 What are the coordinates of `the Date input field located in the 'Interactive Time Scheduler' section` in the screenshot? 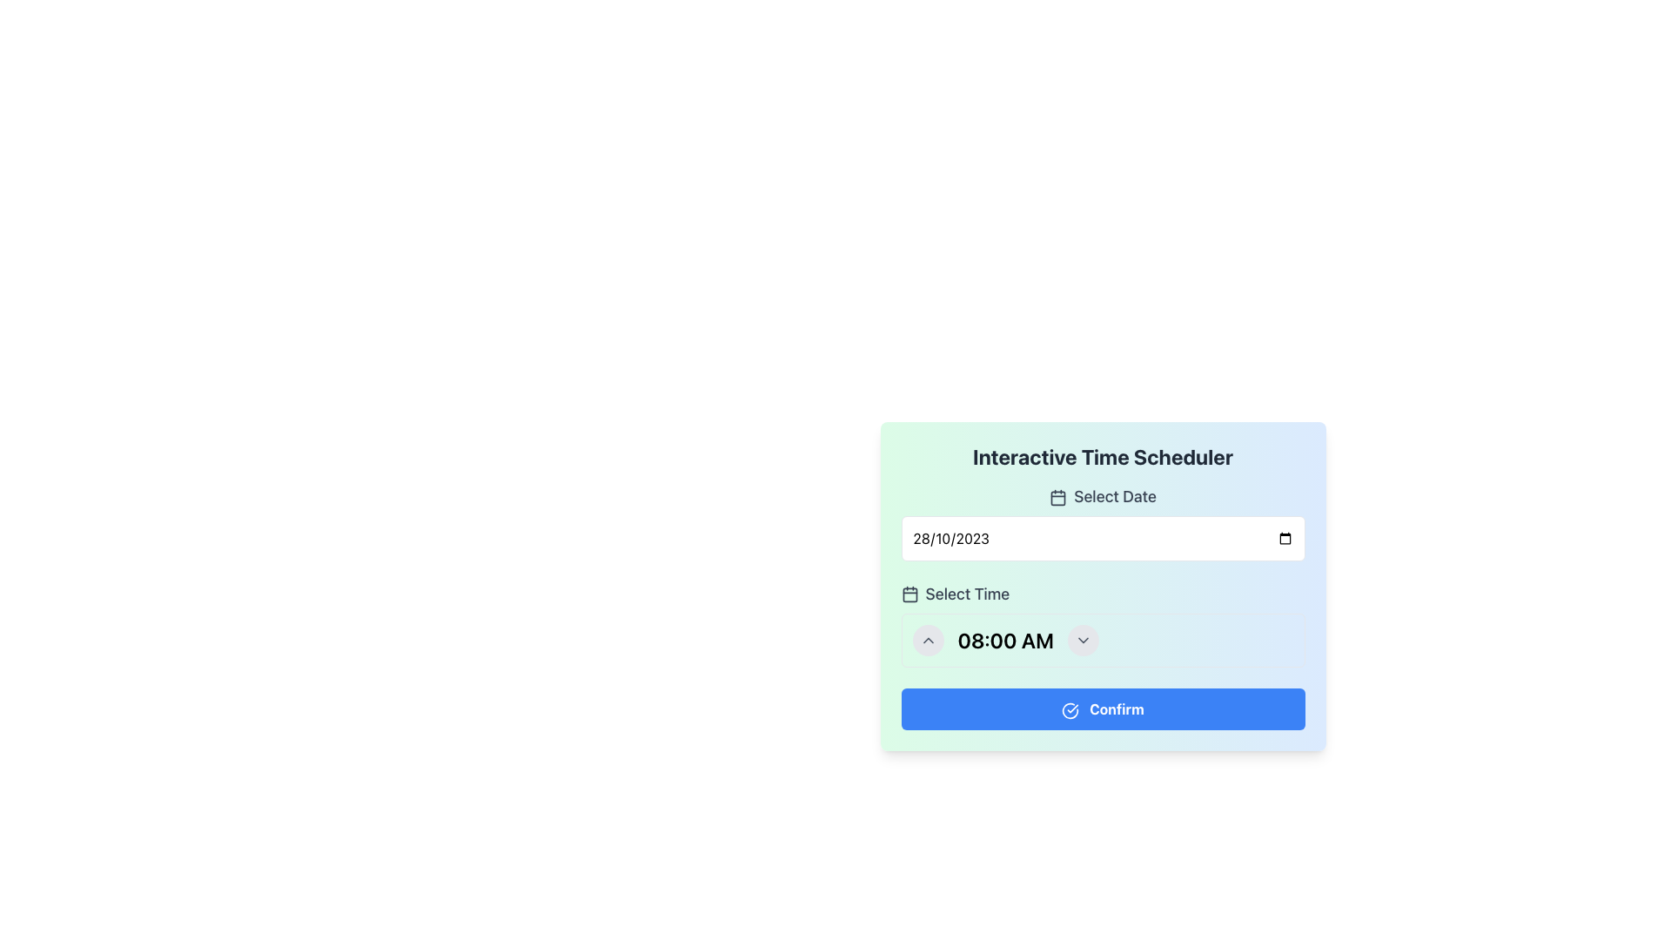 It's located at (1102, 522).